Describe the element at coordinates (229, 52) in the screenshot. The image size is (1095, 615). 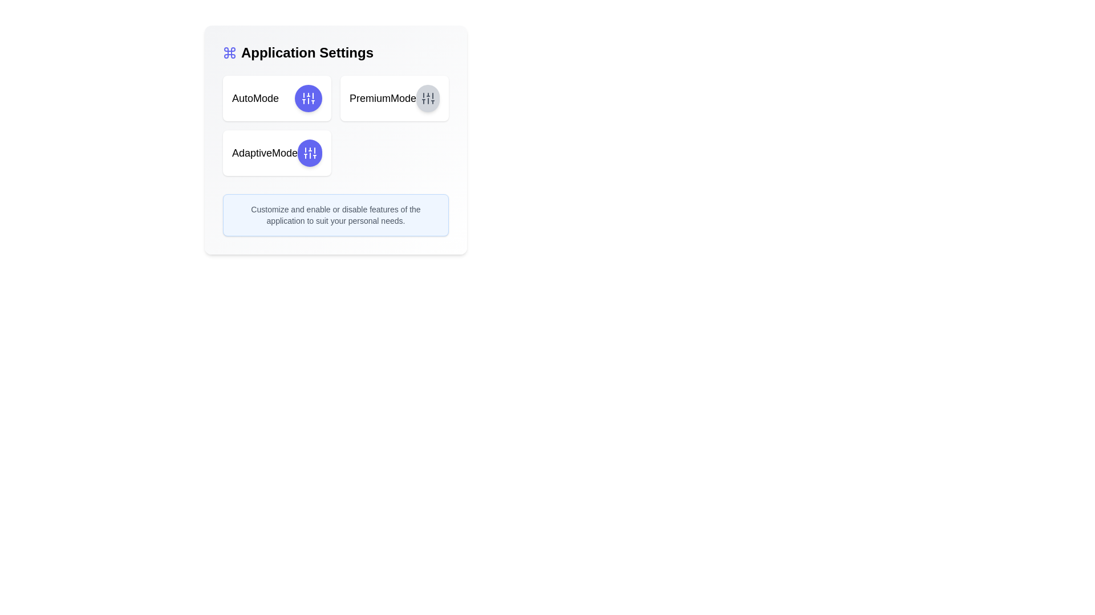
I see `the settings icon located in the top-left corner of the 'Application Settings' section, next to the title text` at that location.